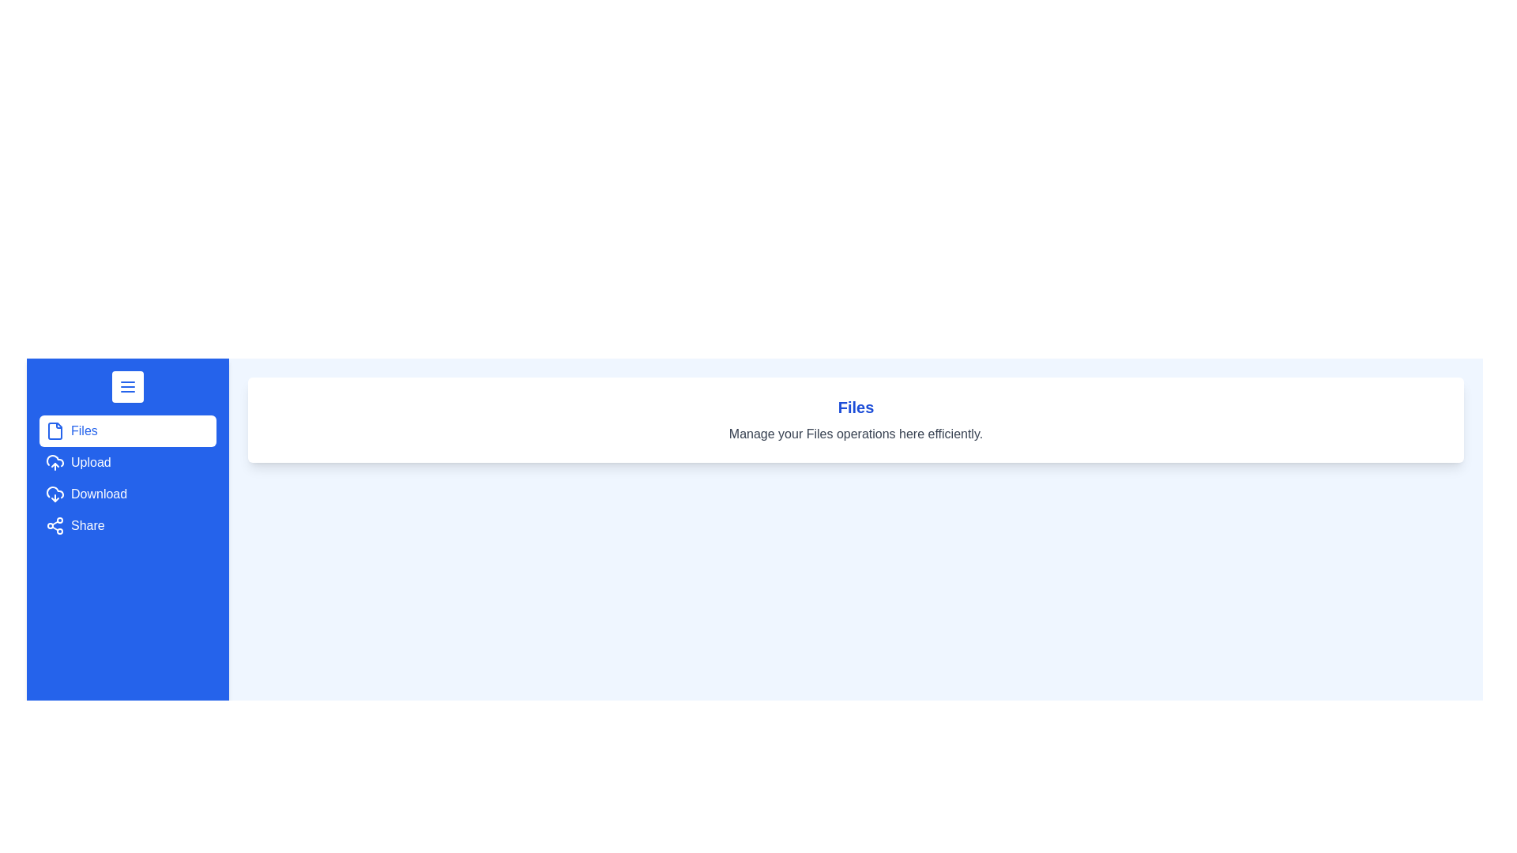 The width and height of the screenshot is (1517, 853). I want to click on the menu option Download from the drawer, so click(128, 493).